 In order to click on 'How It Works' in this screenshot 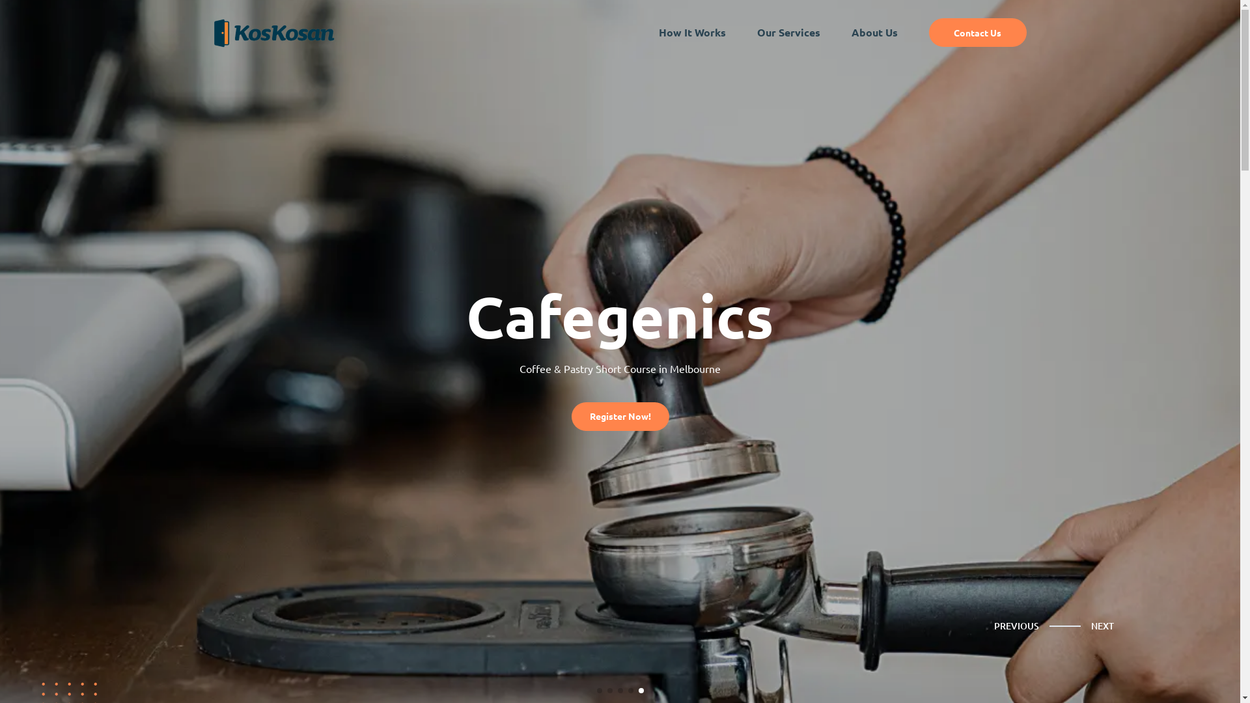, I will do `click(691, 32)`.